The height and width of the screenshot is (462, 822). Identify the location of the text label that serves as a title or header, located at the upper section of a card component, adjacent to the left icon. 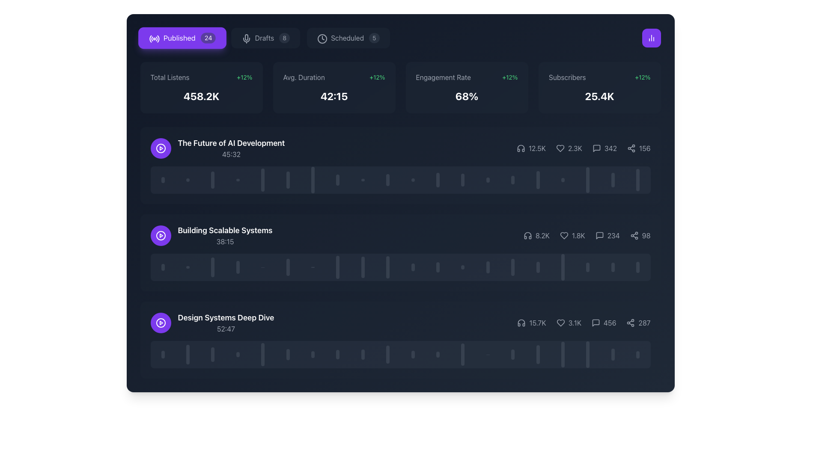
(231, 143).